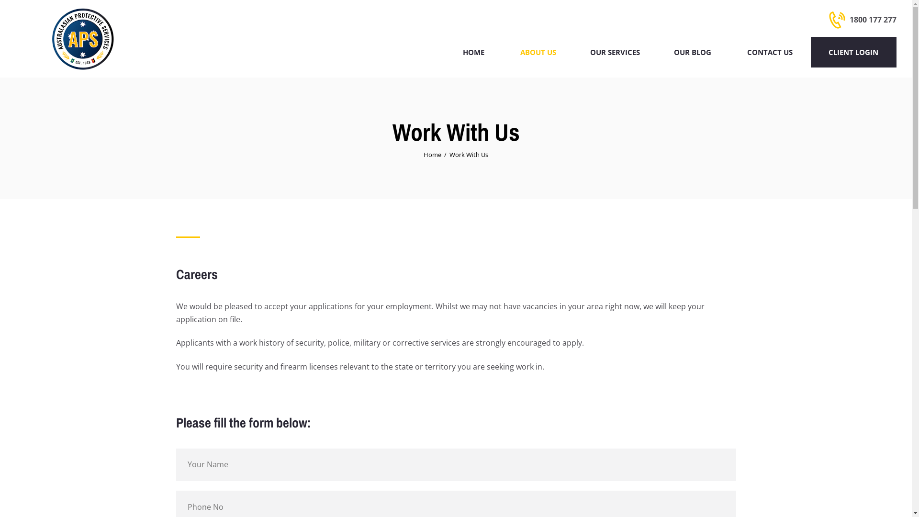 This screenshot has height=517, width=919. I want to click on '1800 177 277', so click(862, 20).